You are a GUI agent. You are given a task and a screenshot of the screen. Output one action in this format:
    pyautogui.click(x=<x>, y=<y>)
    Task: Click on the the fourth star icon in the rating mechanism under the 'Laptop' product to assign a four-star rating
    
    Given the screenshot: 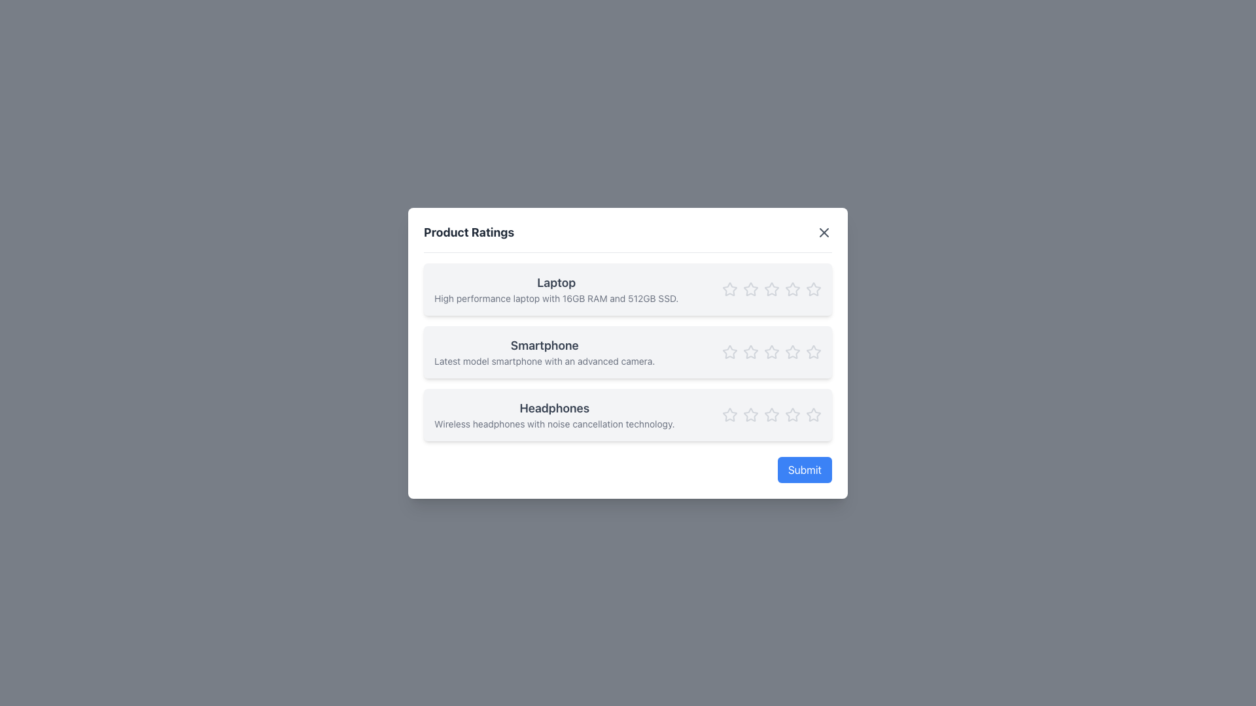 What is the action you would take?
    pyautogui.click(x=772, y=288)
    